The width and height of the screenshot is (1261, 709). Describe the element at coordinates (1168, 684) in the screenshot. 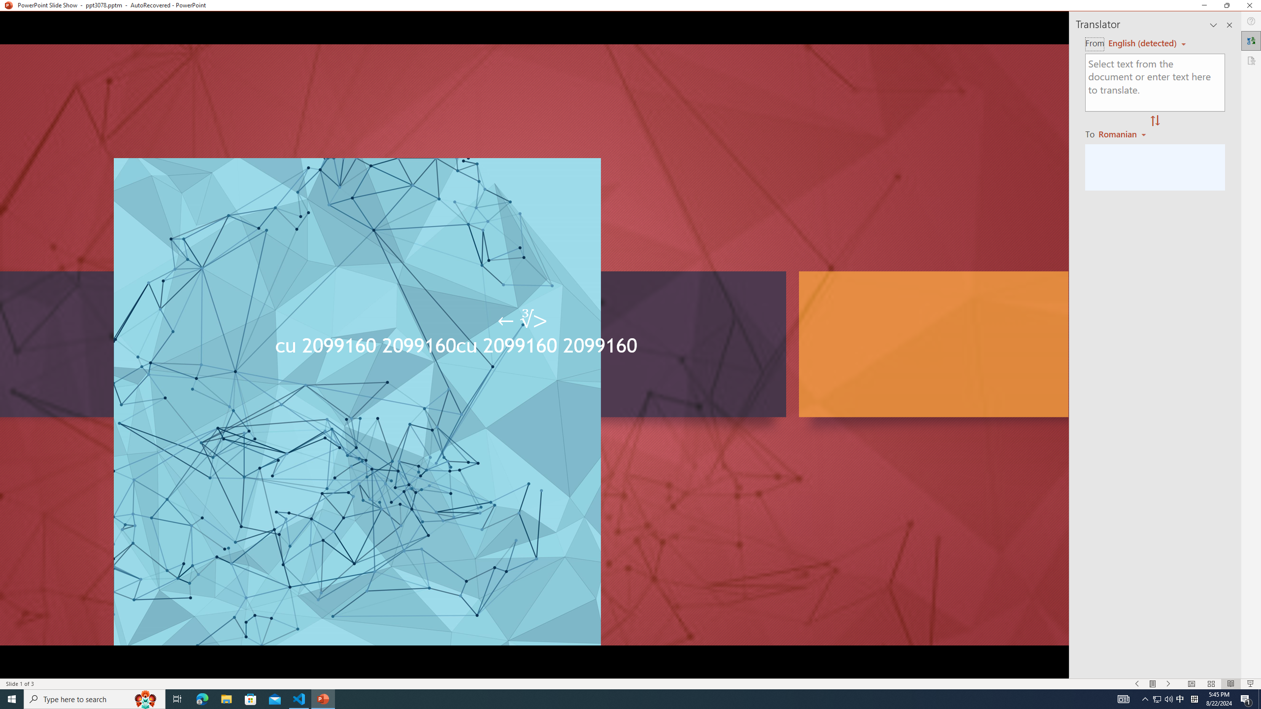

I see `'Slide Show Next On'` at that location.